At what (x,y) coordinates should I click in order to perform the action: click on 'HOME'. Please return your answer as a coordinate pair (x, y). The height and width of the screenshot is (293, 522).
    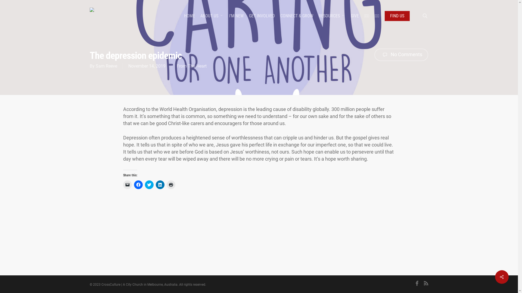
    Looking at the image, I should click on (189, 15).